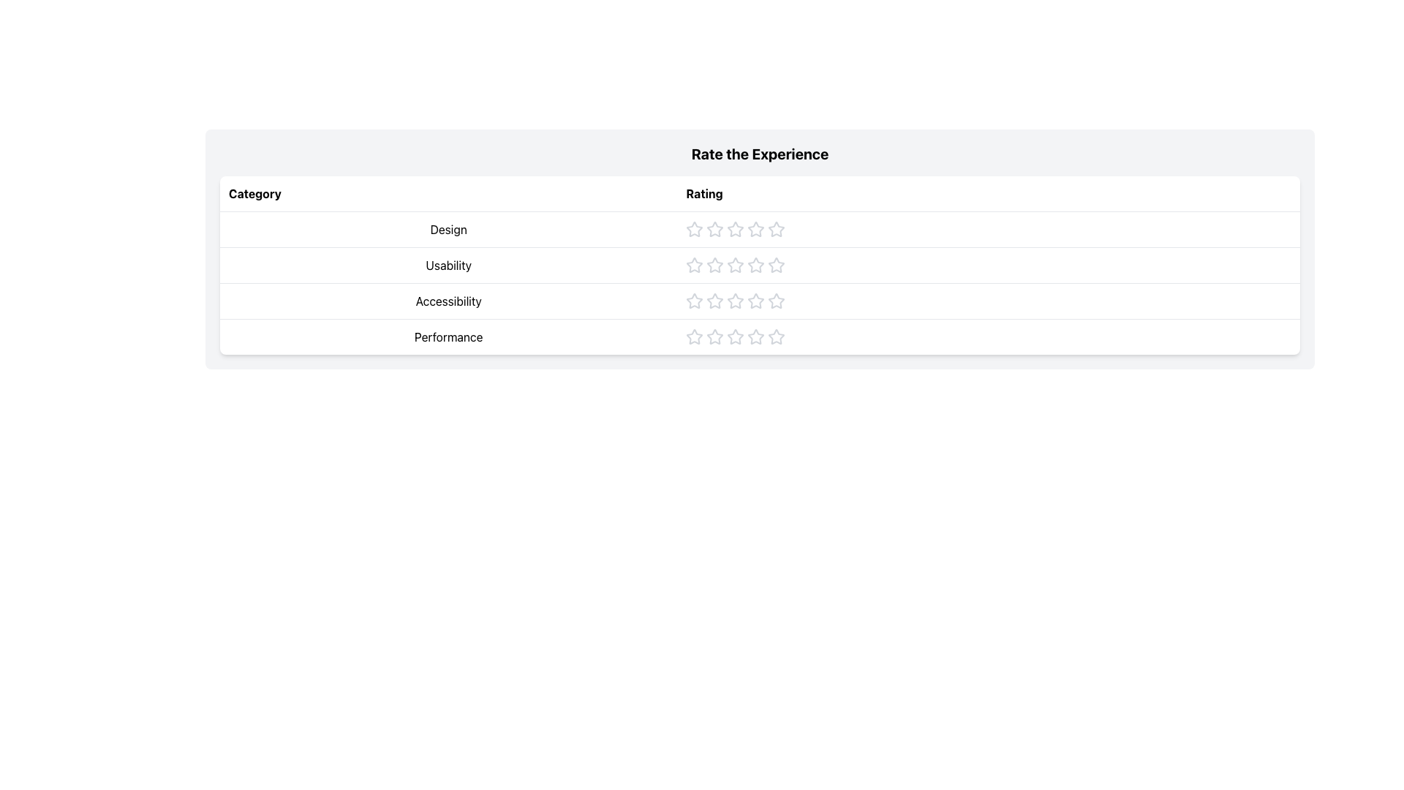  What do you see at coordinates (448, 229) in the screenshot?
I see `the 'Design' category label in the first row of the 'Category' column of the table, which indicates the category for user feedback or reviews` at bounding box center [448, 229].